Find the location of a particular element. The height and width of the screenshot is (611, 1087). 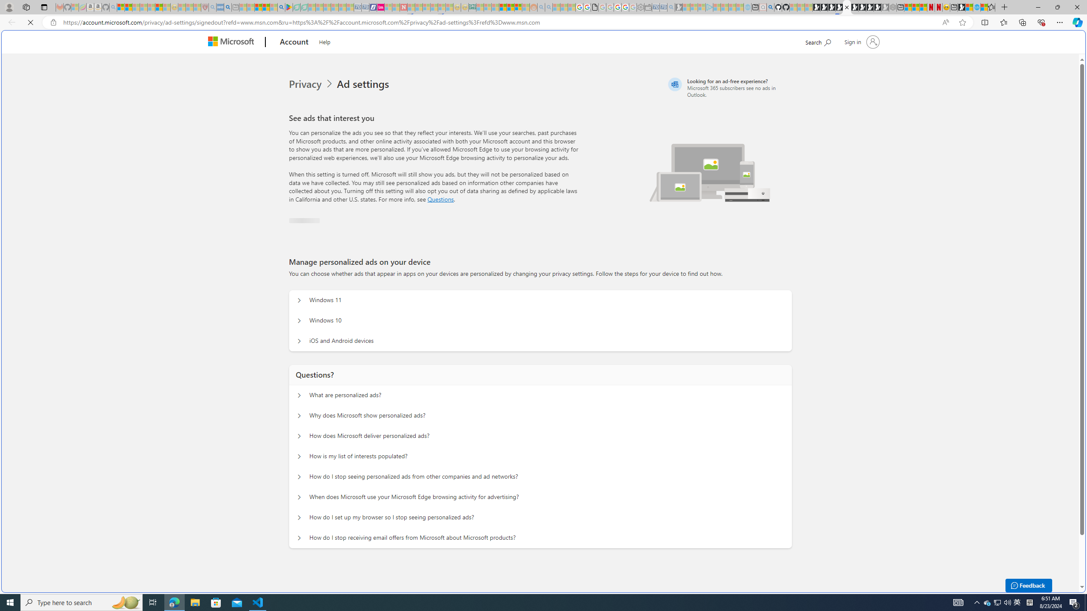

'Illustration of multiple devices' is located at coordinates (710, 167).